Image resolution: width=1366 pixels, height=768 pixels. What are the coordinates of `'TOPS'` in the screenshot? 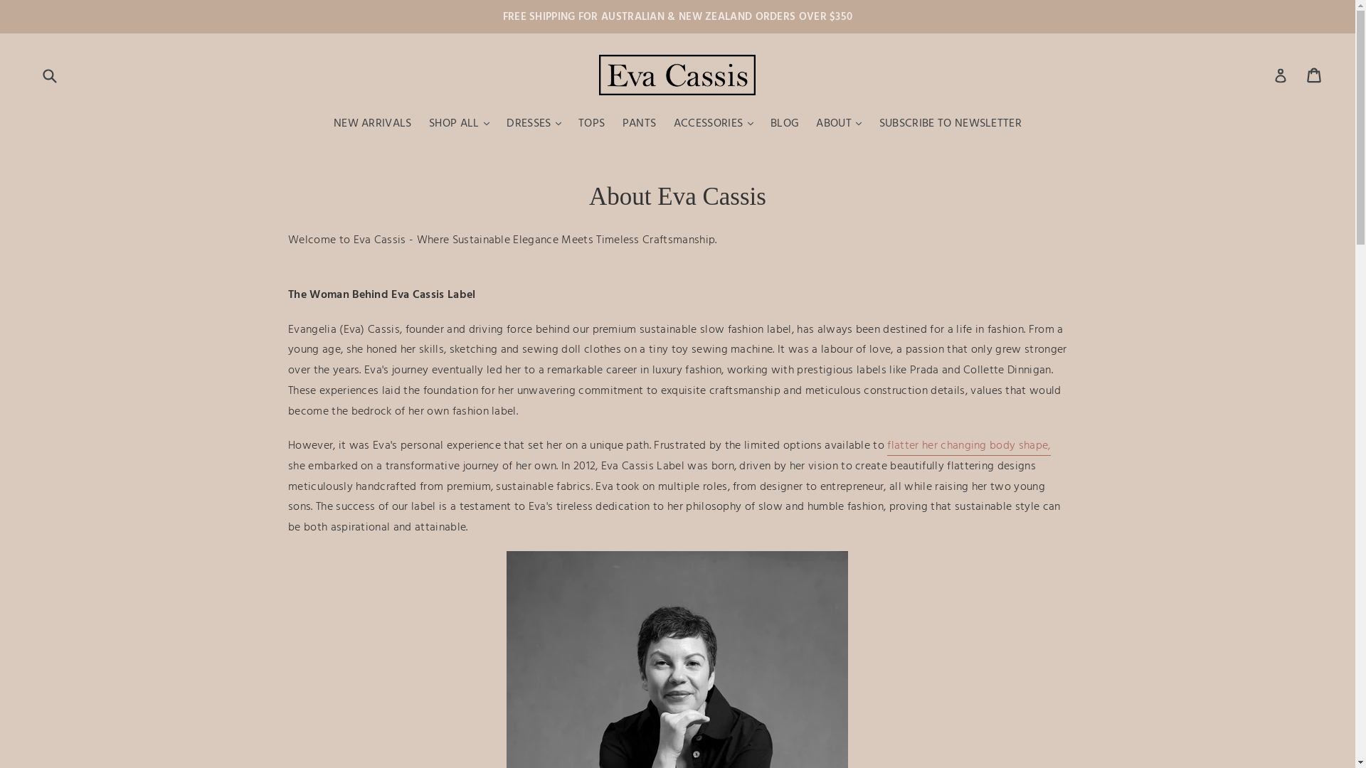 It's located at (591, 123).